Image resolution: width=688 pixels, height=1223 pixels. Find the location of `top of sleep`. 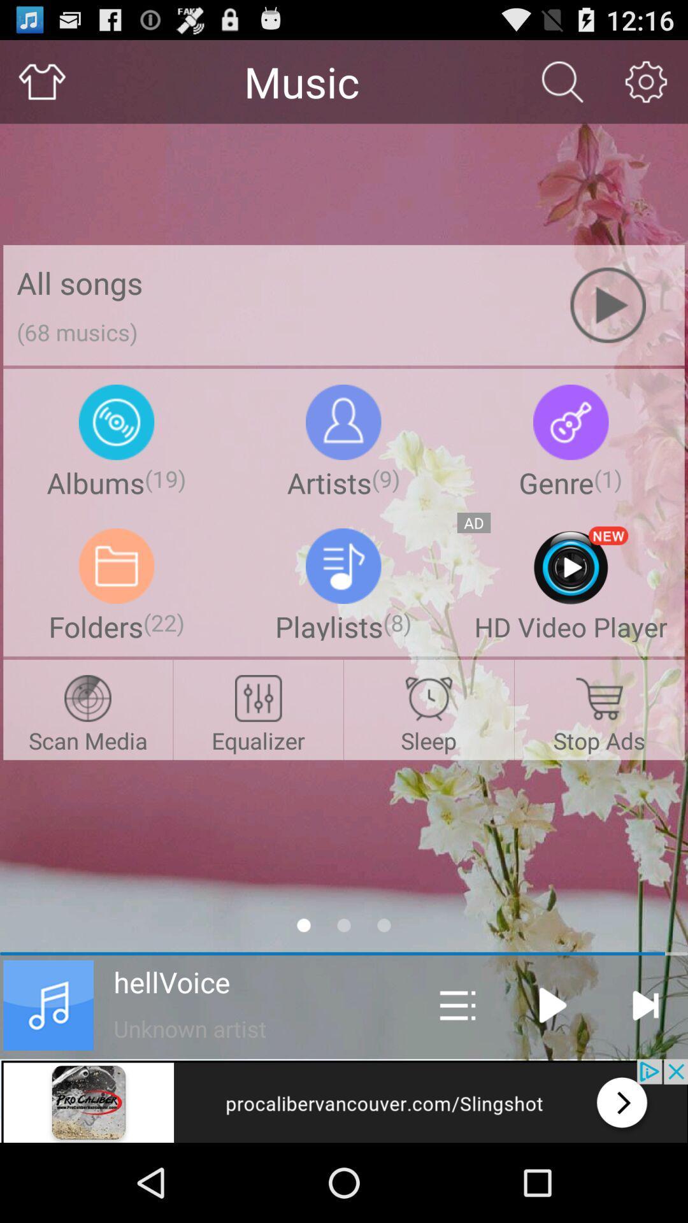

top of sleep is located at coordinates (429, 697).